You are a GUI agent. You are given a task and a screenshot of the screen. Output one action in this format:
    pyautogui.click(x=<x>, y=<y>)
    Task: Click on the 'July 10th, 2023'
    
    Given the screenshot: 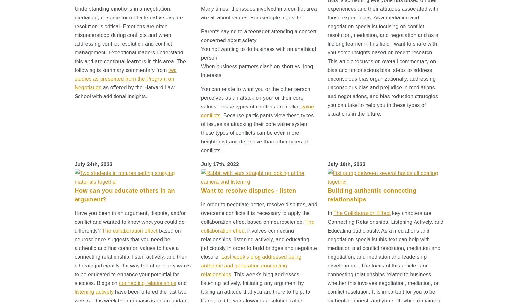 What is the action you would take?
    pyautogui.click(x=327, y=164)
    